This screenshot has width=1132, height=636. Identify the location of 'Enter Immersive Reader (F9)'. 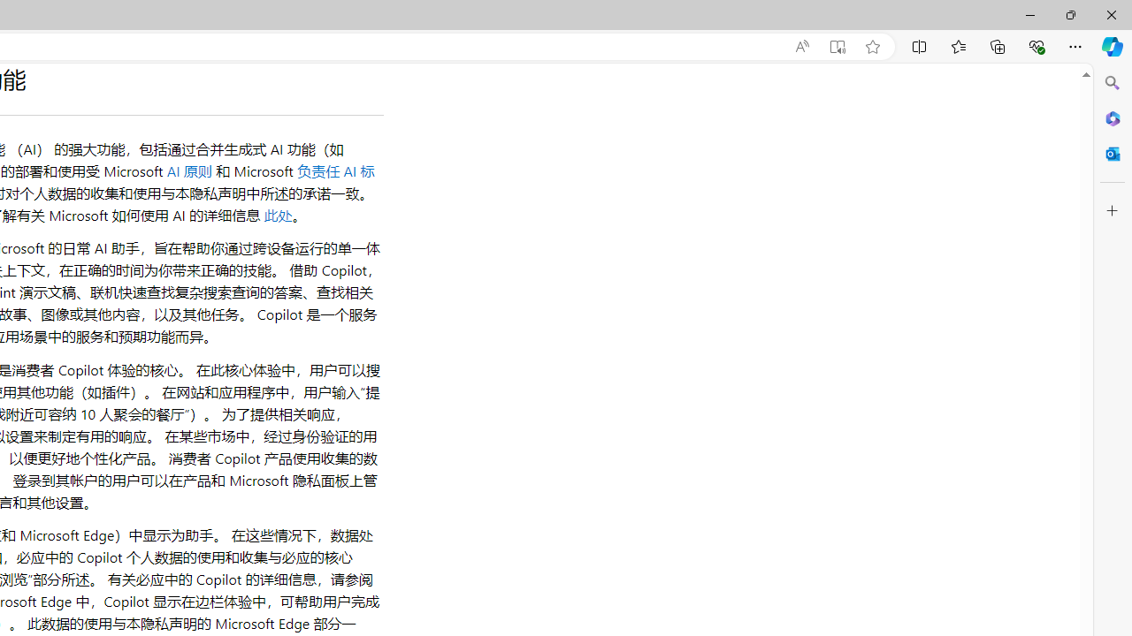
(836, 46).